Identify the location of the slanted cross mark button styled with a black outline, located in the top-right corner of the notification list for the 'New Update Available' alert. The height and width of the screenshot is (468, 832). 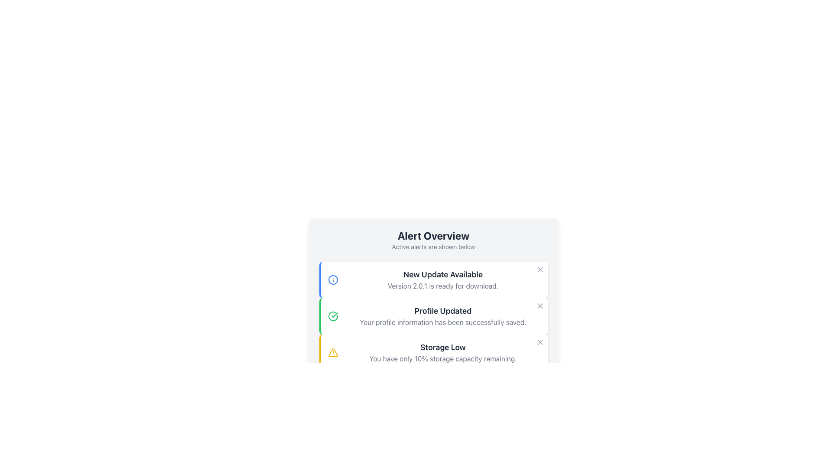
(539, 269).